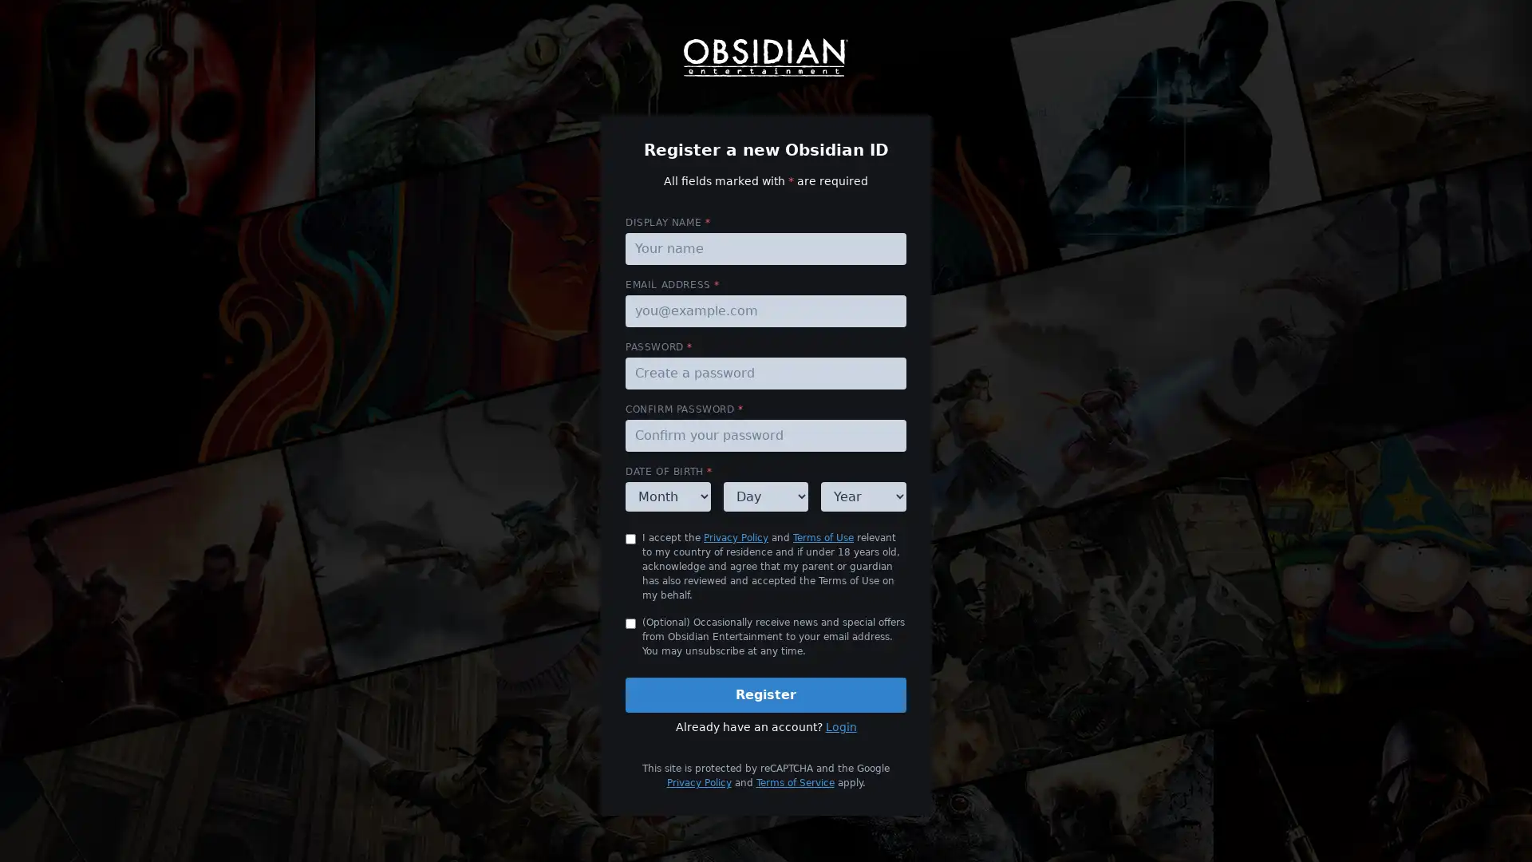 This screenshot has width=1532, height=862. I want to click on Register, so click(766, 694).